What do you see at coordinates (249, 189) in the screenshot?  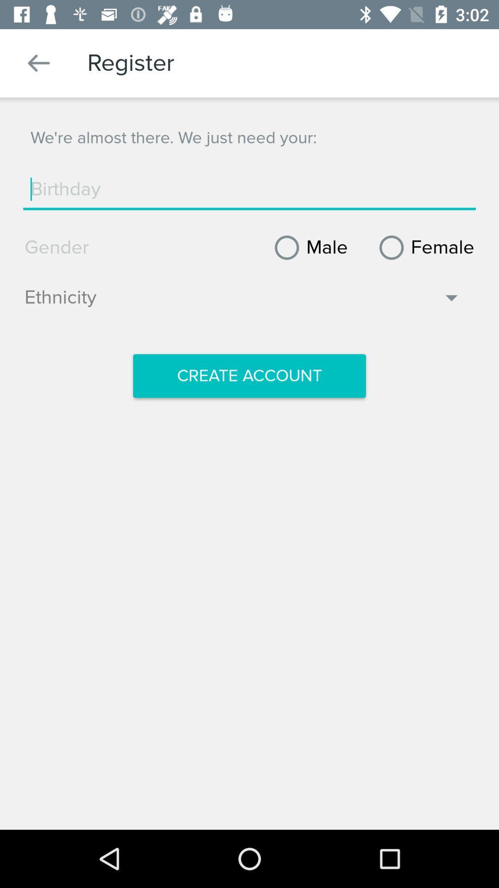 I see `birthday input field` at bounding box center [249, 189].